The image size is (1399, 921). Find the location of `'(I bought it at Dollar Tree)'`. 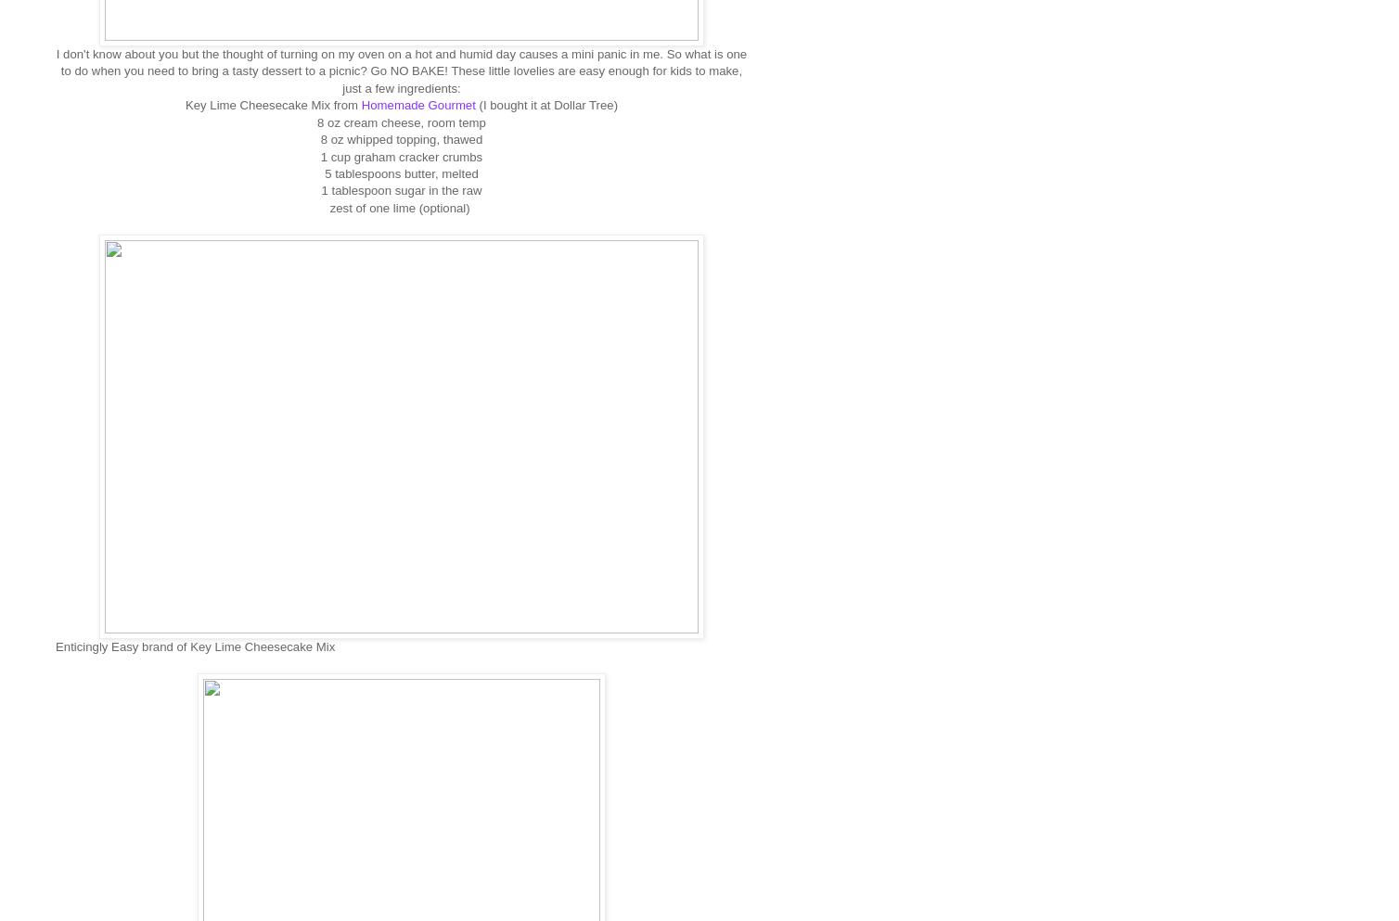

'(I bought it at Dollar Tree)' is located at coordinates (545, 104).